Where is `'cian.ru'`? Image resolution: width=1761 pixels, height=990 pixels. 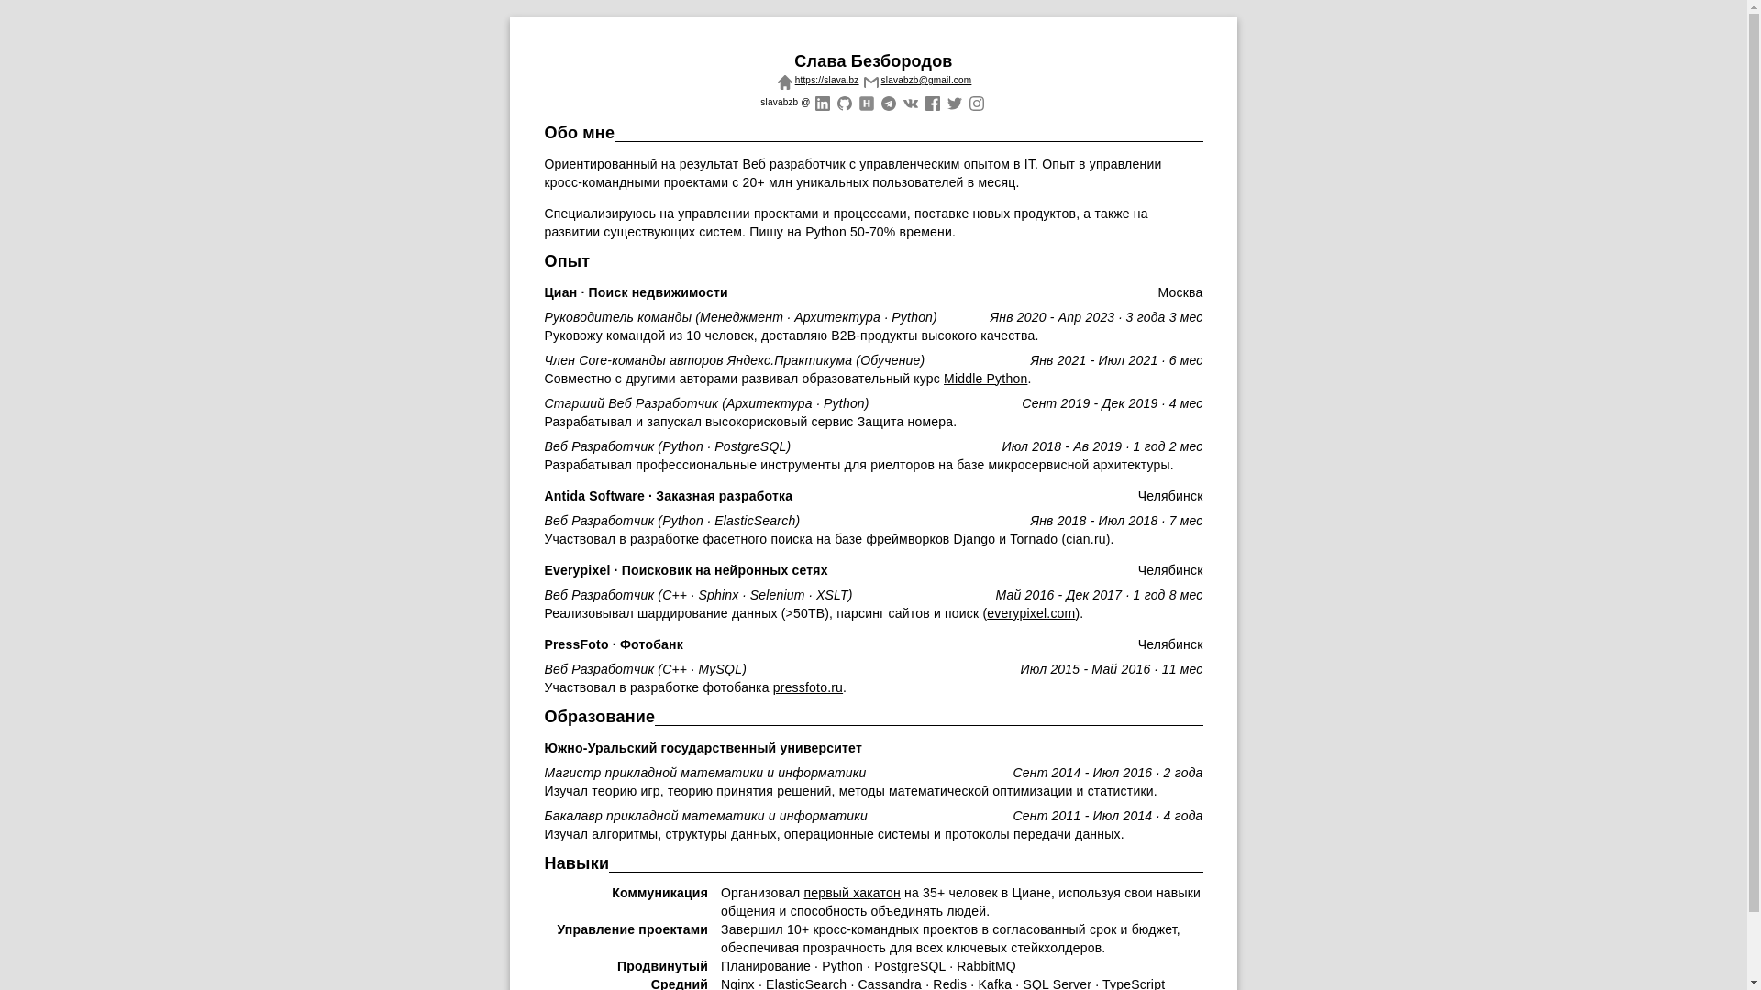 'cian.ru' is located at coordinates (1065, 537).